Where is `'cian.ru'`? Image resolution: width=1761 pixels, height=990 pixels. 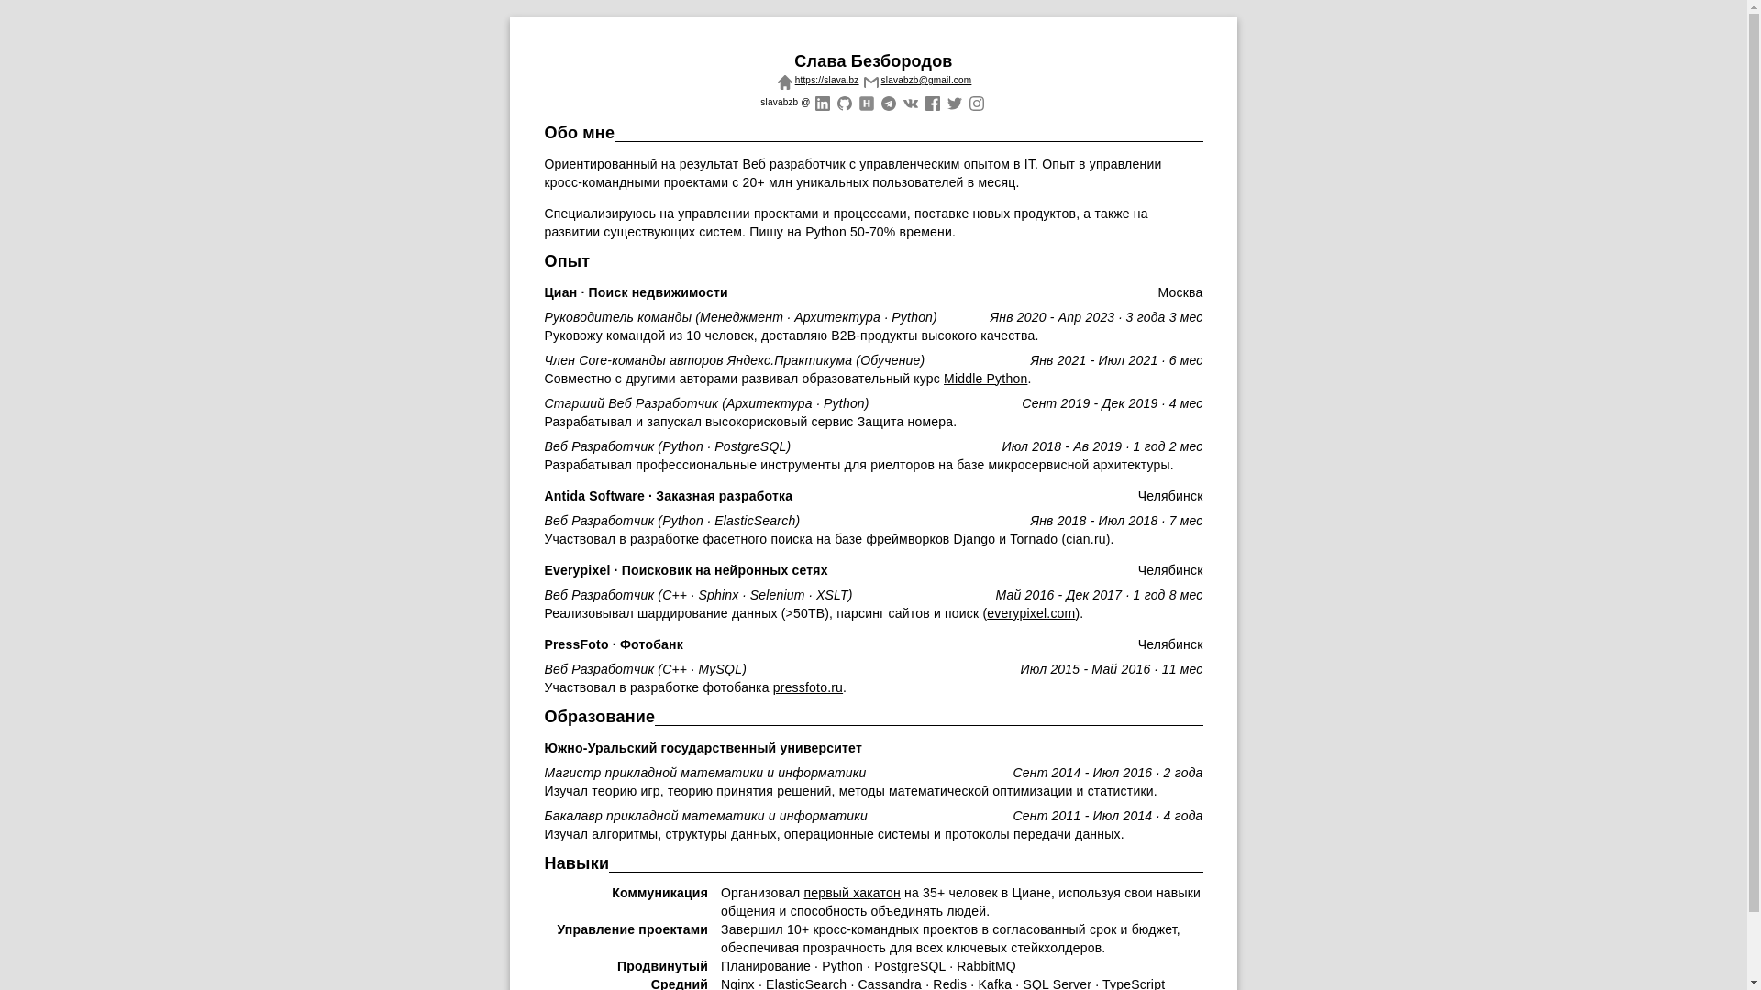 'cian.ru' is located at coordinates (1065, 537).